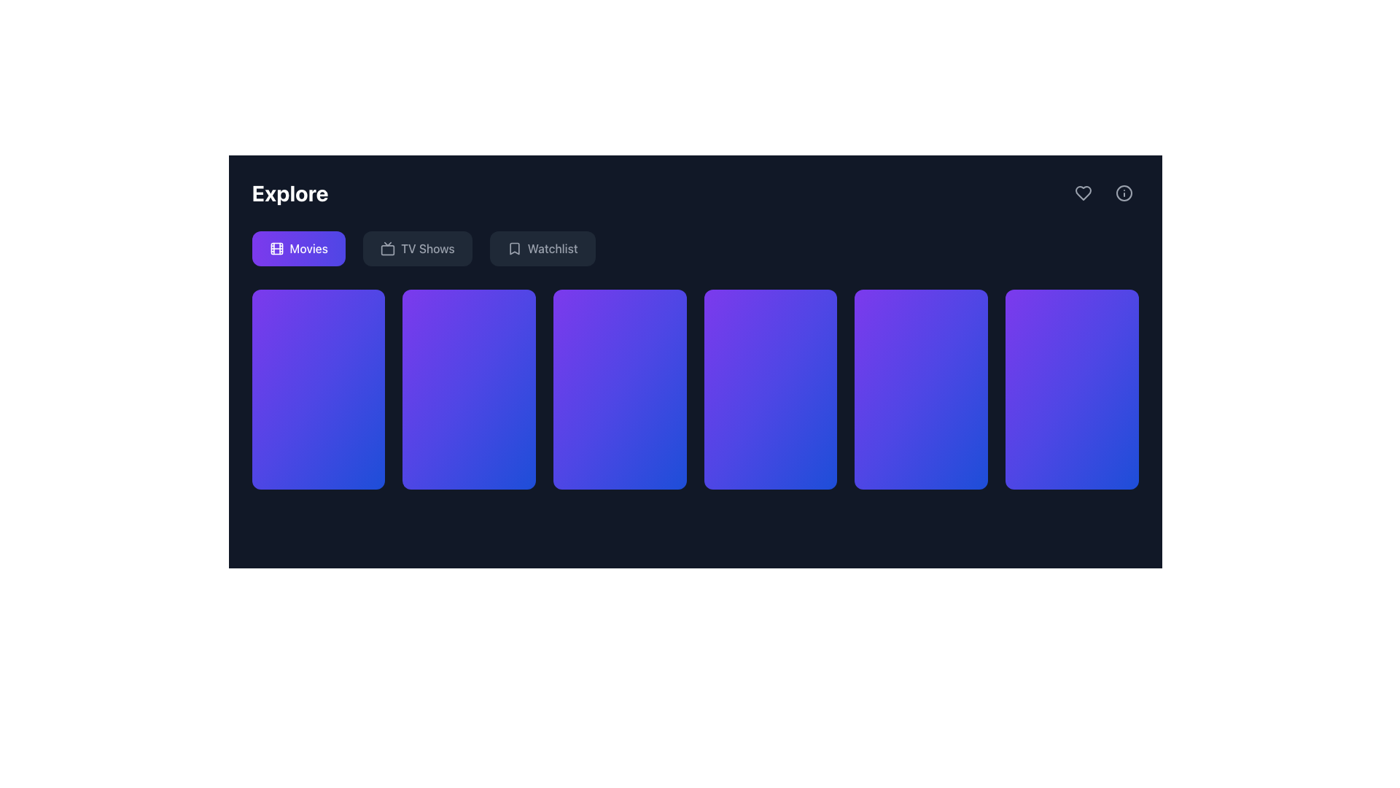  What do you see at coordinates (1083, 193) in the screenshot?
I see `the heart icon located at the top right corner of the interface, which represents a 'like,' 'favorite,' or 'love' function` at bounding box center [1083, 193].